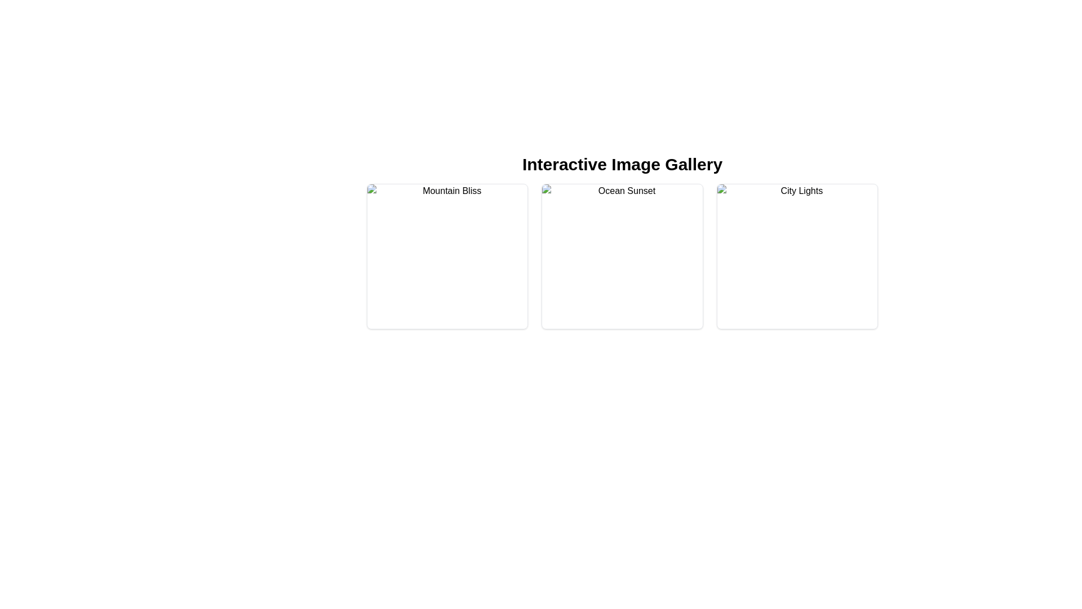 This screenshot has width=1082, height=609. I want to click on the image at the center of the first card, so click(447, 257).